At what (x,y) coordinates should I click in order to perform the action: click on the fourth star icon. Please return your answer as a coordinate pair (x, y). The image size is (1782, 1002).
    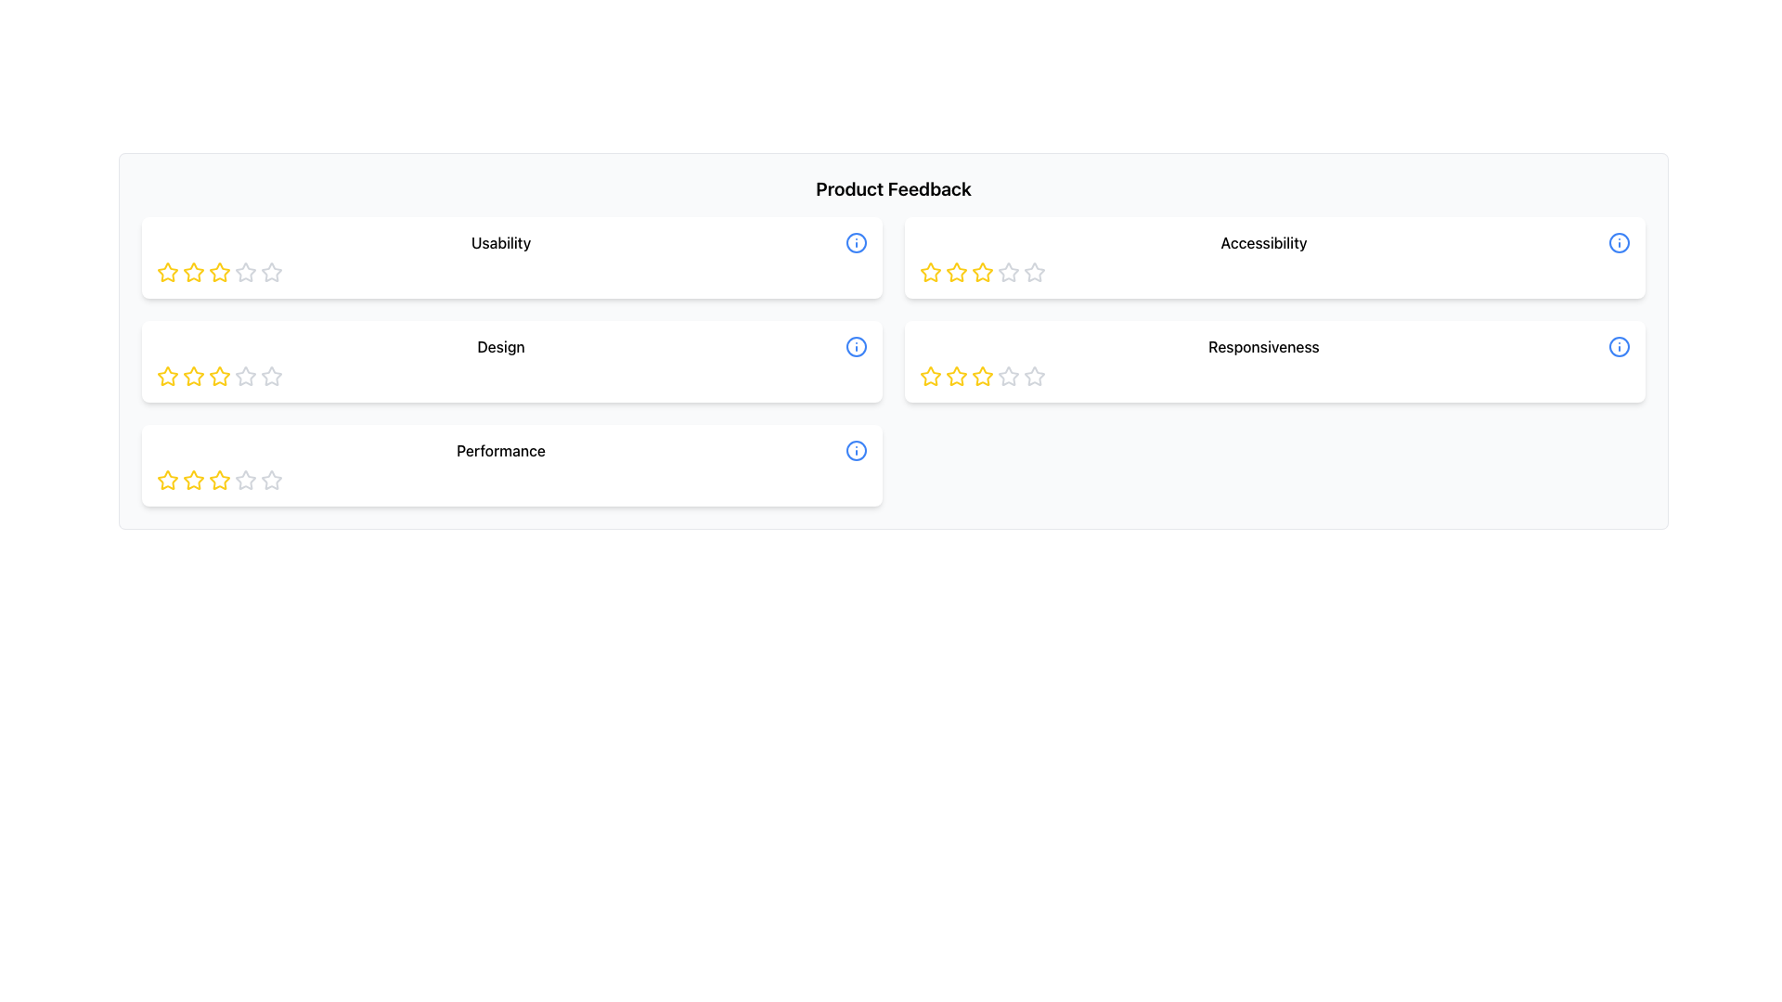
    Looking at the image, I should click on (1033, 376).